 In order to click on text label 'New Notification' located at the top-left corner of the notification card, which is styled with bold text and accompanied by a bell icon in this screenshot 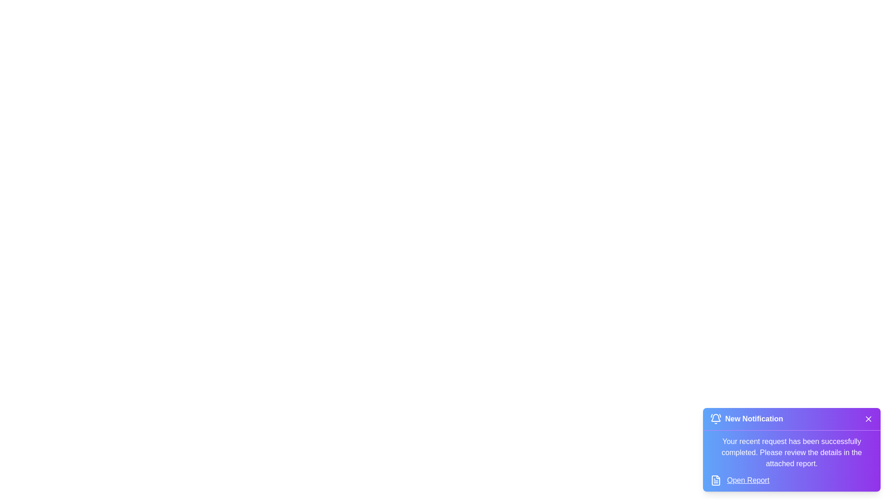, I will do `click(746, 419)`.